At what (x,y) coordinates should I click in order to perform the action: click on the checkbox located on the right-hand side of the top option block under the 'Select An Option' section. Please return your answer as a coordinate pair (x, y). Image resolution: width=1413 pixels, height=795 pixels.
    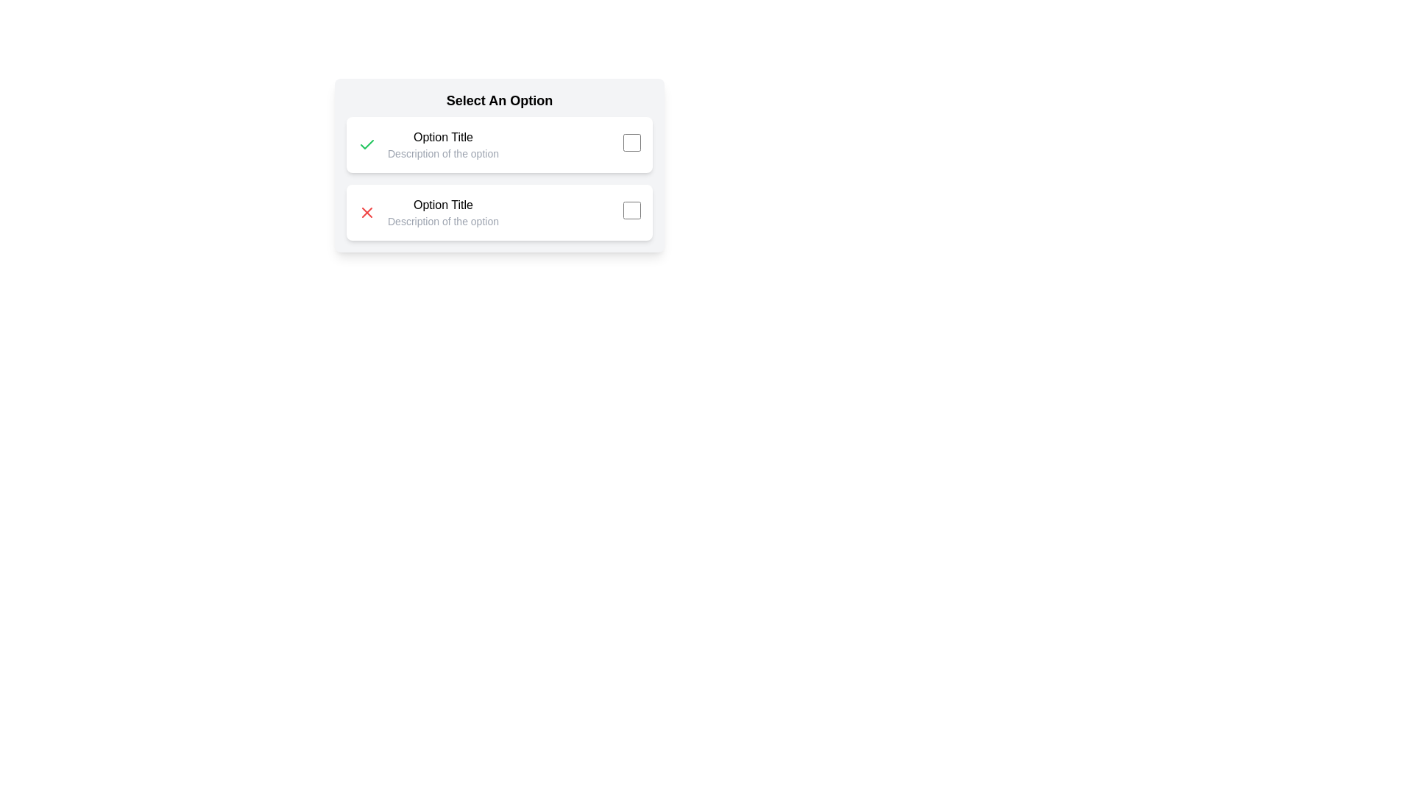
    Looking at the image, I should click on (632, 142).